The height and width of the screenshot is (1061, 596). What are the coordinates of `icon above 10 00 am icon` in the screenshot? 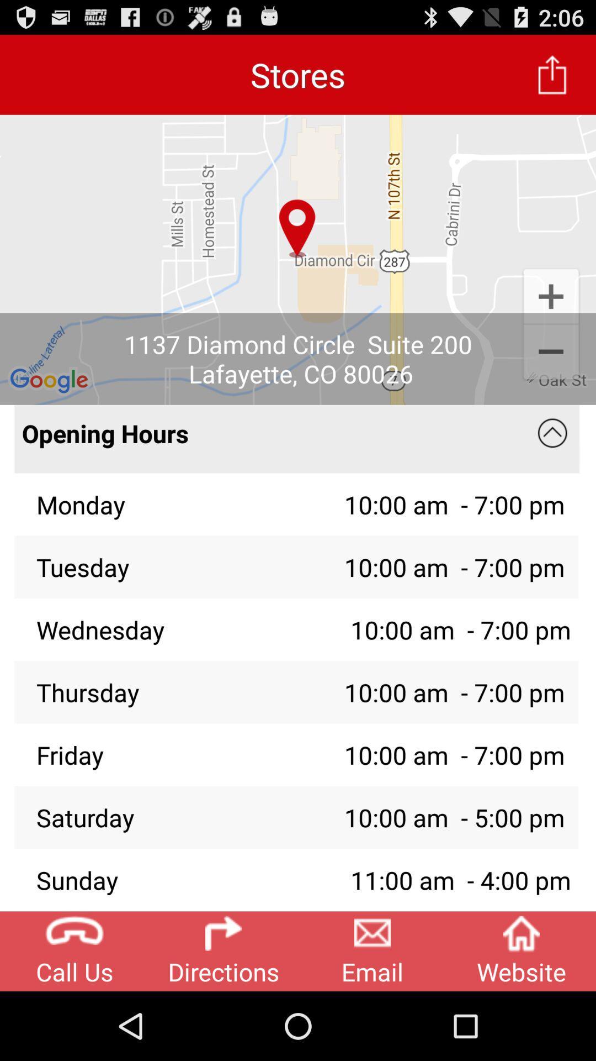 It's located at (552, 433).